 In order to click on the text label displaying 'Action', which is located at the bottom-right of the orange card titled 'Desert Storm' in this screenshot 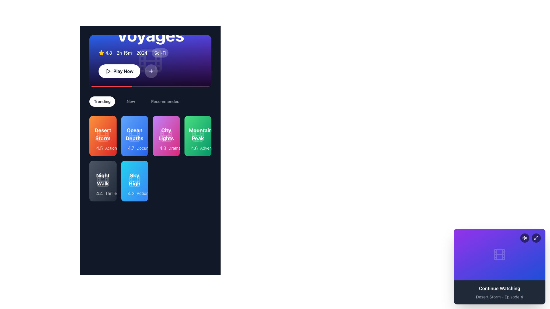, I will do `click(111, 148)`.